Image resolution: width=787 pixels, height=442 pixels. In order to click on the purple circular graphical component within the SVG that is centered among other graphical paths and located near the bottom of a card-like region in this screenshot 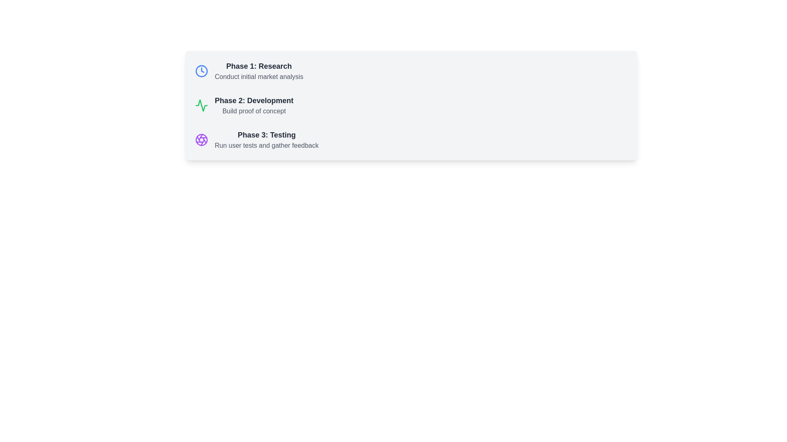, I will do `click(201, 140)`.